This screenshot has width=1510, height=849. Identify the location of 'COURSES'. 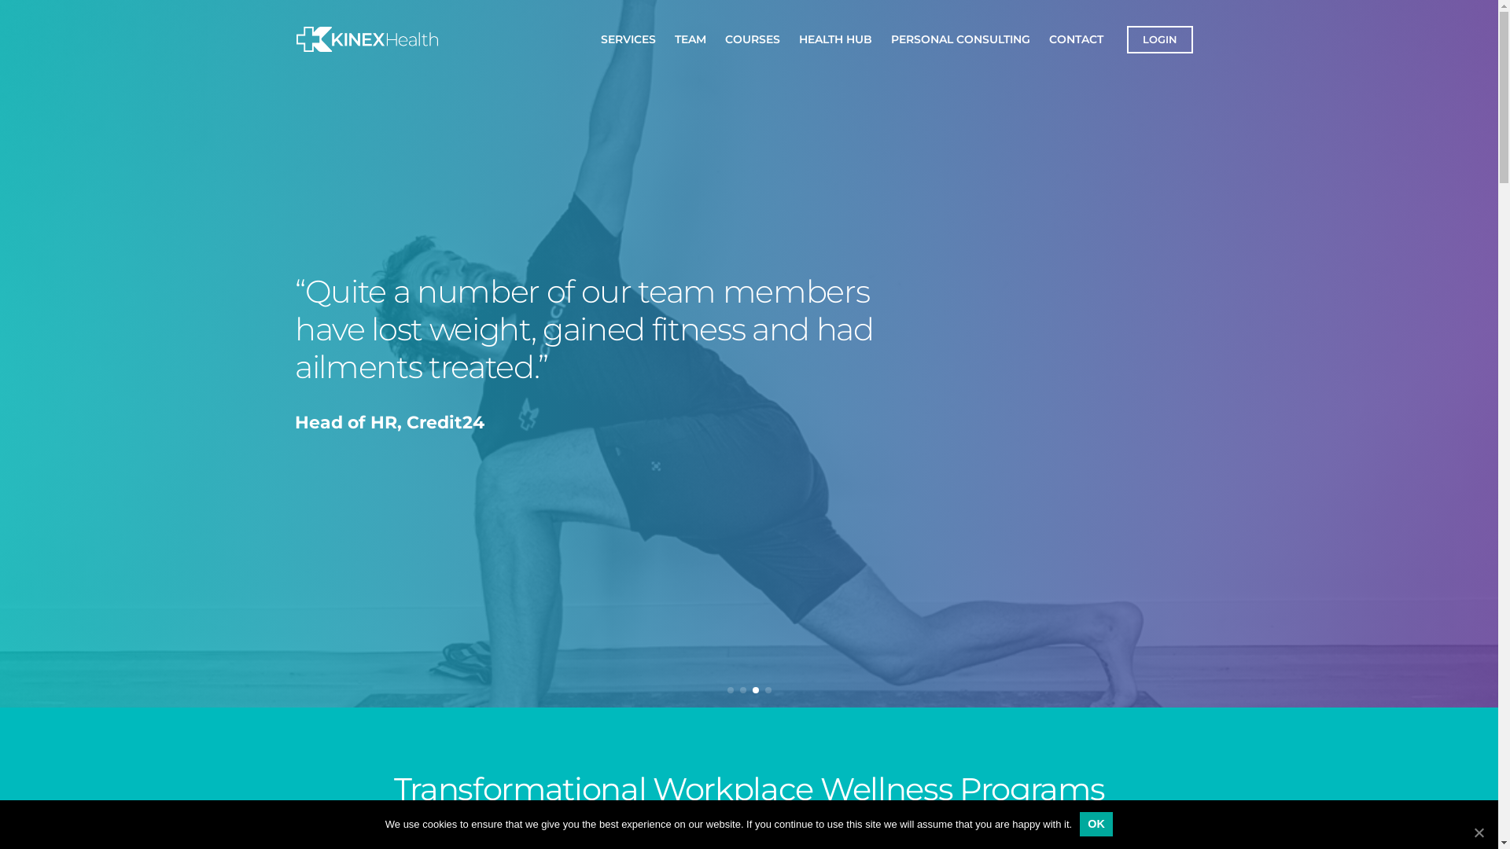
(751, 38).